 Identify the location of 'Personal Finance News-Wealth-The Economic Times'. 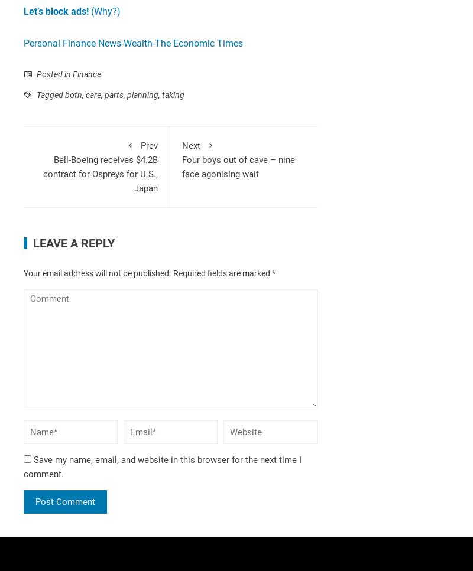
(133, 42).